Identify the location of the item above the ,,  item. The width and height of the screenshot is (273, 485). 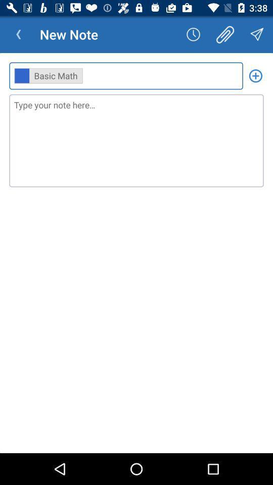
(193, 34).